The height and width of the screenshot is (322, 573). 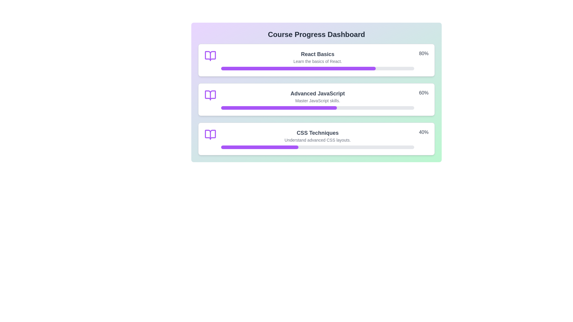 What do you see at coordinates (423, 132) in the screenshot?
I see `the text label displaying '40%' in medium-sized gray text, located in the middle-right section of the 'CSS Techniques' progress card` at bounding box center [423, 132].